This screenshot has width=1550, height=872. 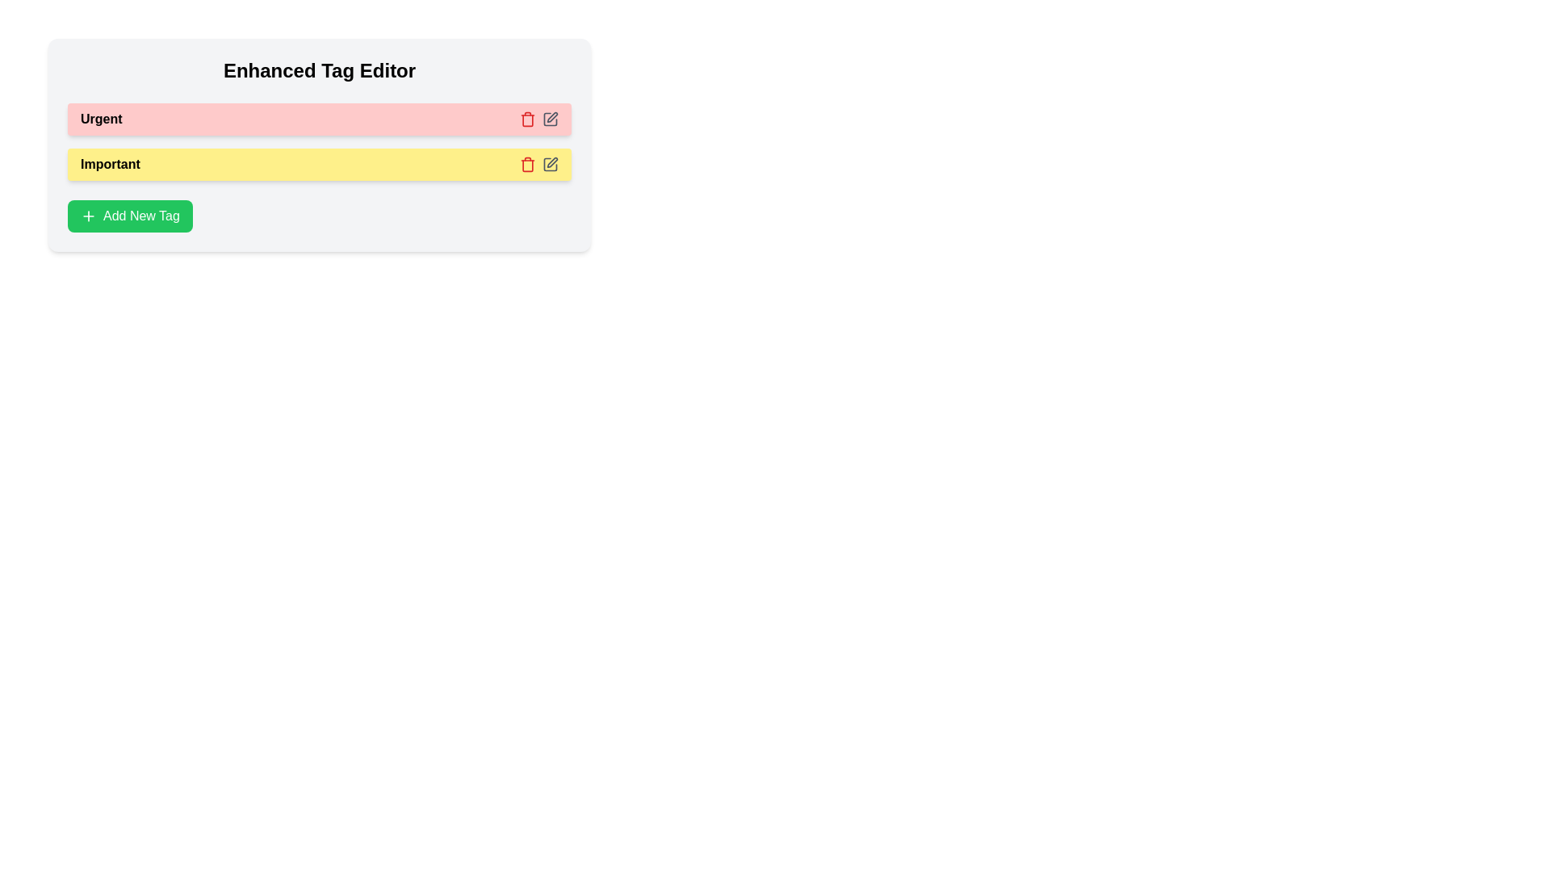 I want to click on the 'Urgent' text label located in the topmost red bar, which conveys a sense of urgency and is positioned to the left adjacent to icons, so click(x=100, y=118).